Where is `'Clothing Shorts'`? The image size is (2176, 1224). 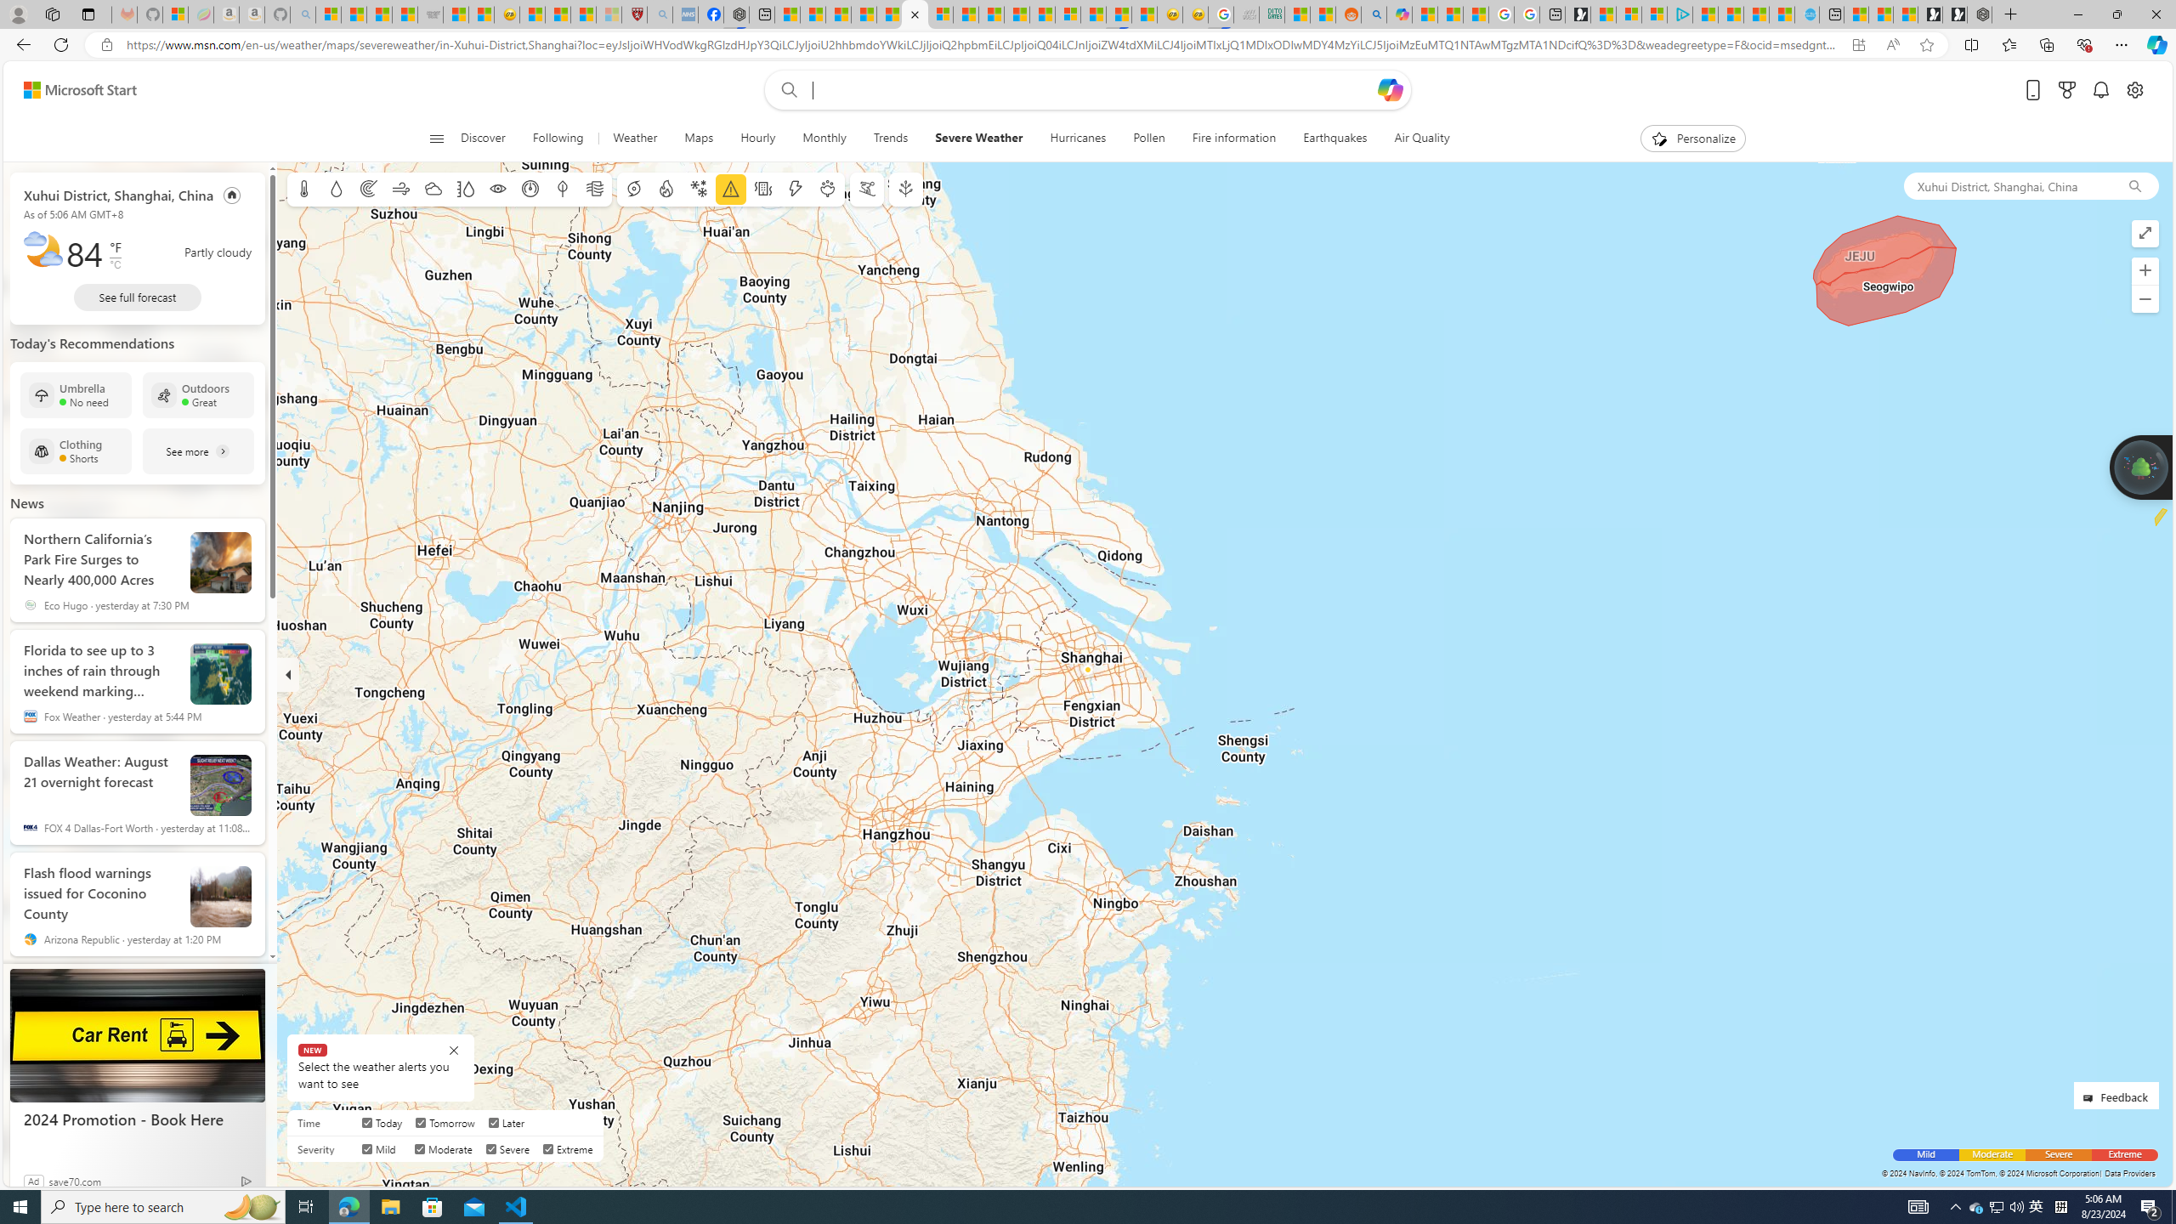 'Clothing Shorts' is located at coordinates (76, 451).